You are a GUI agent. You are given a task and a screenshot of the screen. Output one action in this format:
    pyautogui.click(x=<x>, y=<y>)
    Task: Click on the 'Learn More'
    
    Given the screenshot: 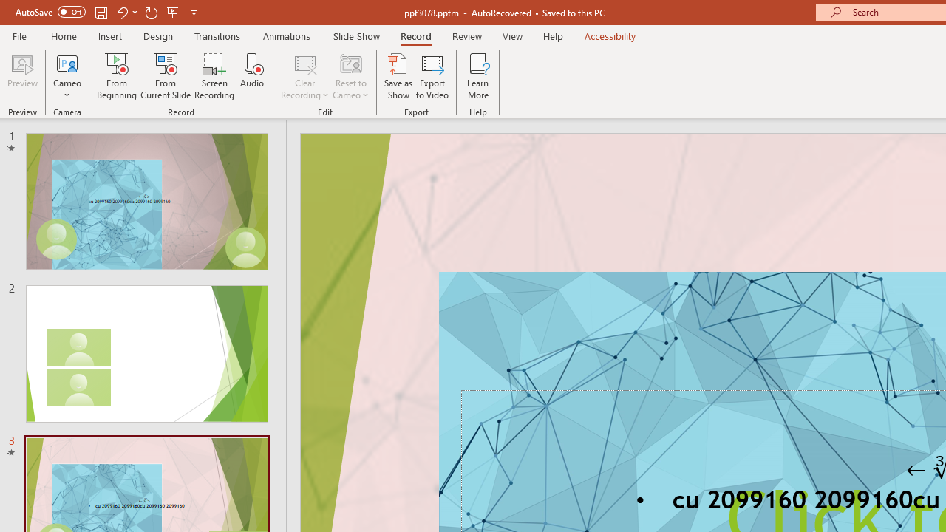 What is the action you would take?
    pyautogui.click(x=478, y=76)
    